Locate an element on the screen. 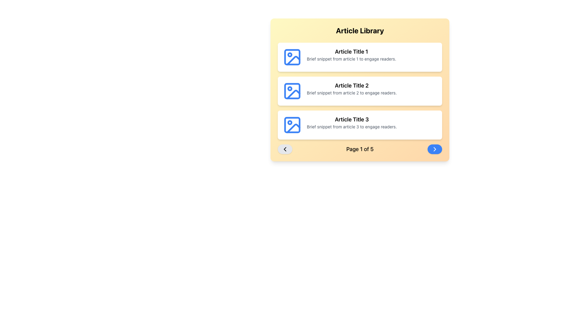 This screenshot has height=327, width=581. the graphical icon component representing 'Article Title 2', which is part of the second icon in the list, located in the central row, to the left of the article's textual description is located at coordinates (293, 94).